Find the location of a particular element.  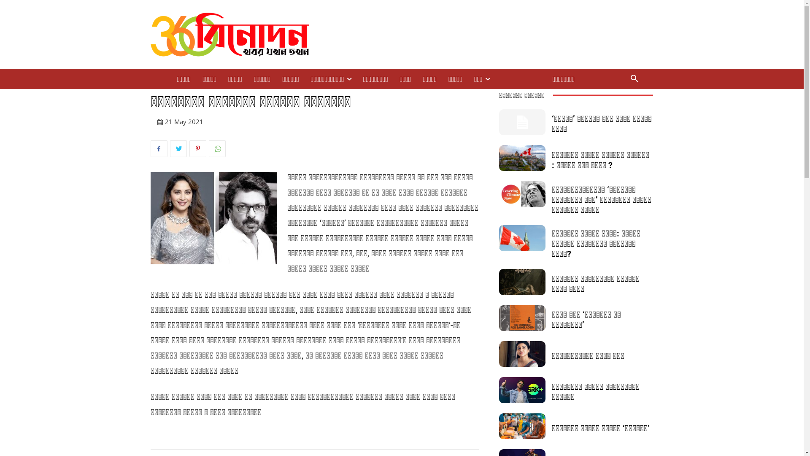

'Pinterest' is located at coordinates (197, 148).